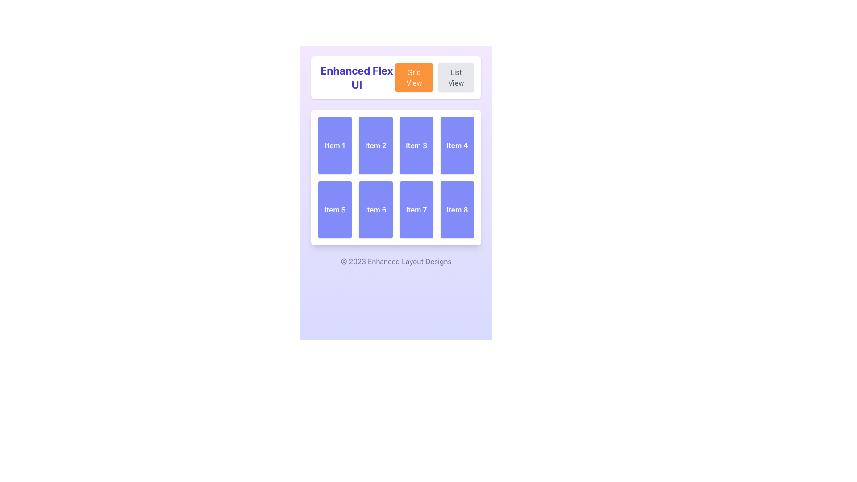  Describe the element at coordinates (416, 145) in the screenshot. I see `the grid item representing 'Item 3', which is located in the first row and third column of the grid structure` at that location.